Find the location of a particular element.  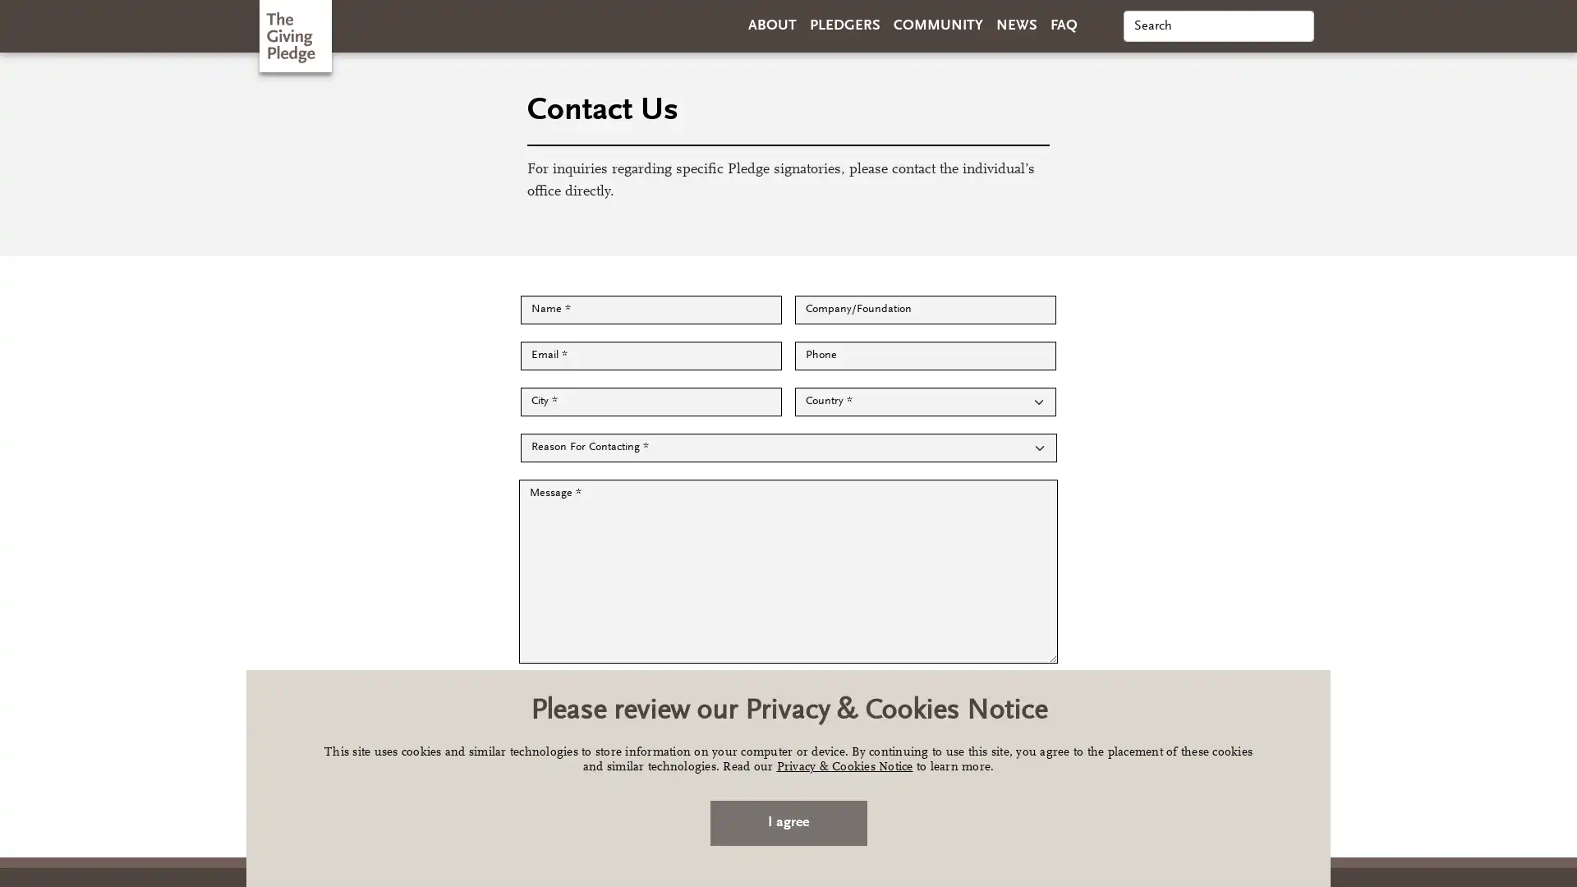

Send is located at coordinates (1008, 780).